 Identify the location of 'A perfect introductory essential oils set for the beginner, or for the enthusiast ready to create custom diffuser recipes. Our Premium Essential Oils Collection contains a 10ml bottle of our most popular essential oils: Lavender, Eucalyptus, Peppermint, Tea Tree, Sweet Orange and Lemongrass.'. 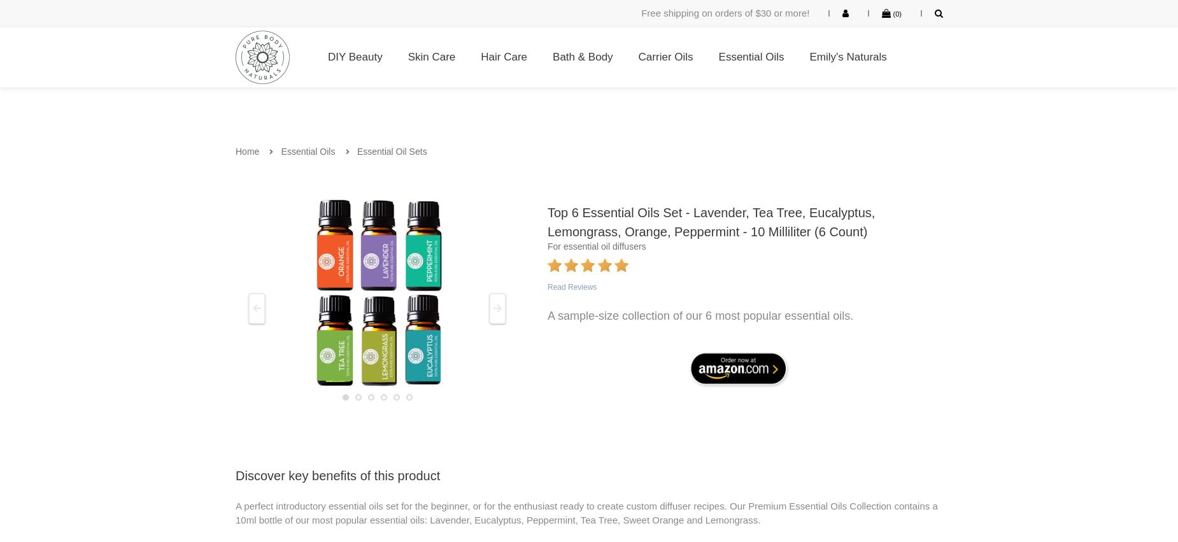
(586, 511).